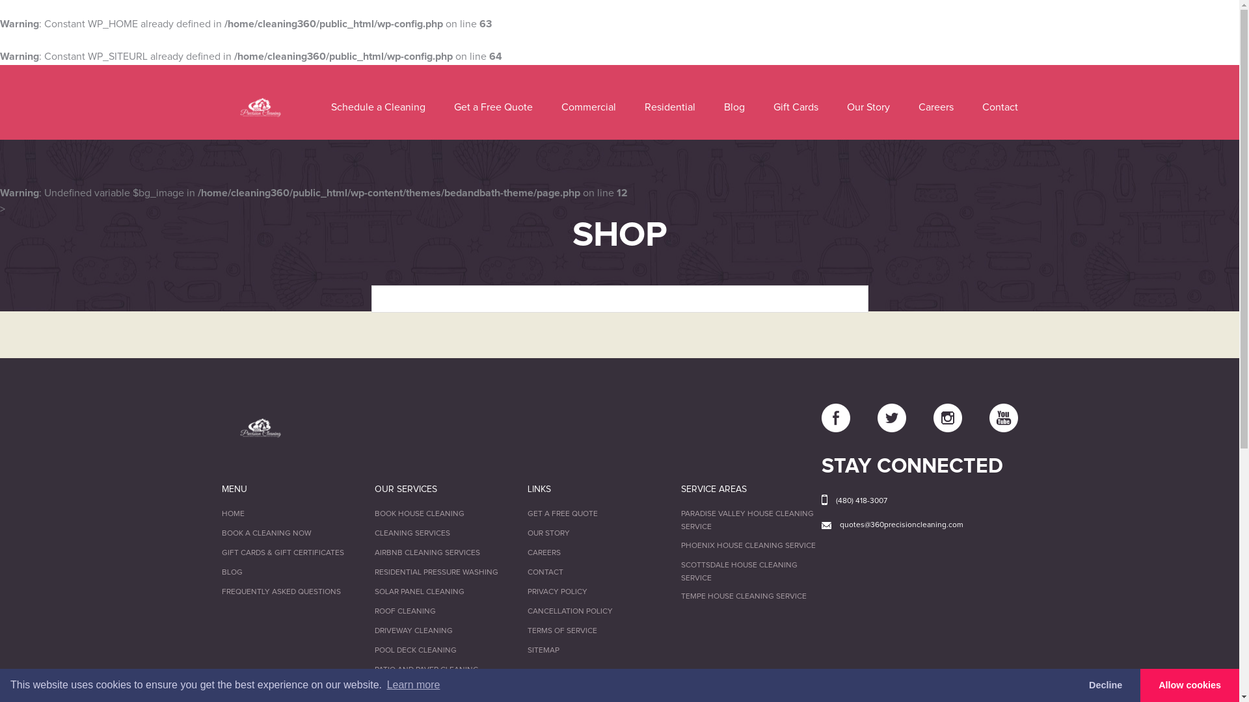 The image size is (1249, 702). What do you see at coordinates (747, 520) in the screenshot?
I see `'PARADISE VALLEY HOUSE CLEANING SERVICE'` at bounding box center [747, 520].